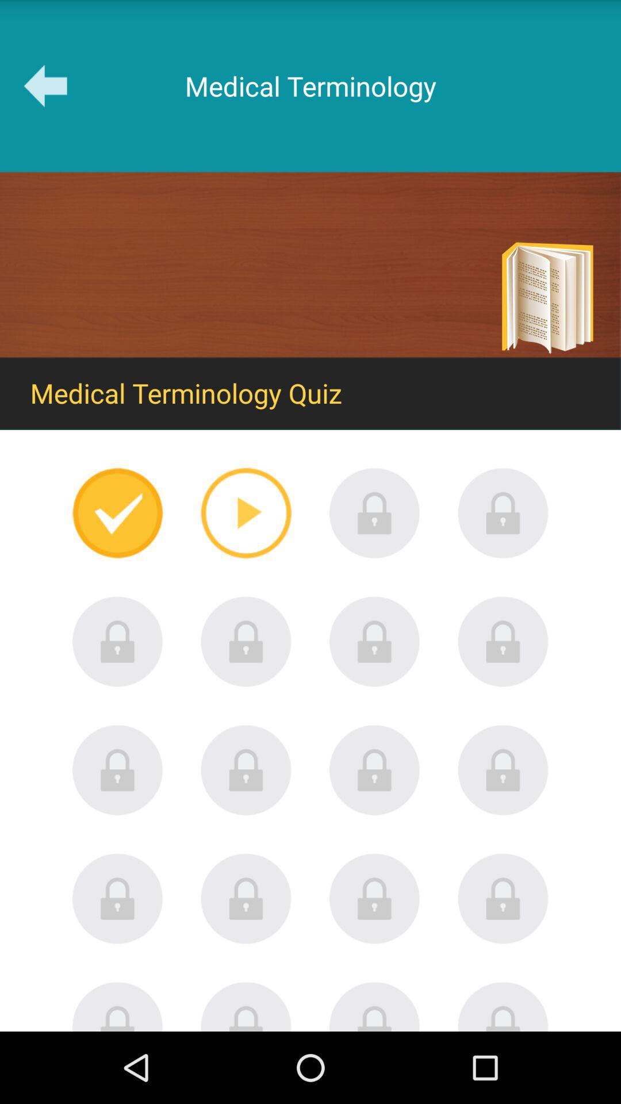  Describe the element at coordinates (503, 823) in the screenshot. I see `the lock icon` at that location.